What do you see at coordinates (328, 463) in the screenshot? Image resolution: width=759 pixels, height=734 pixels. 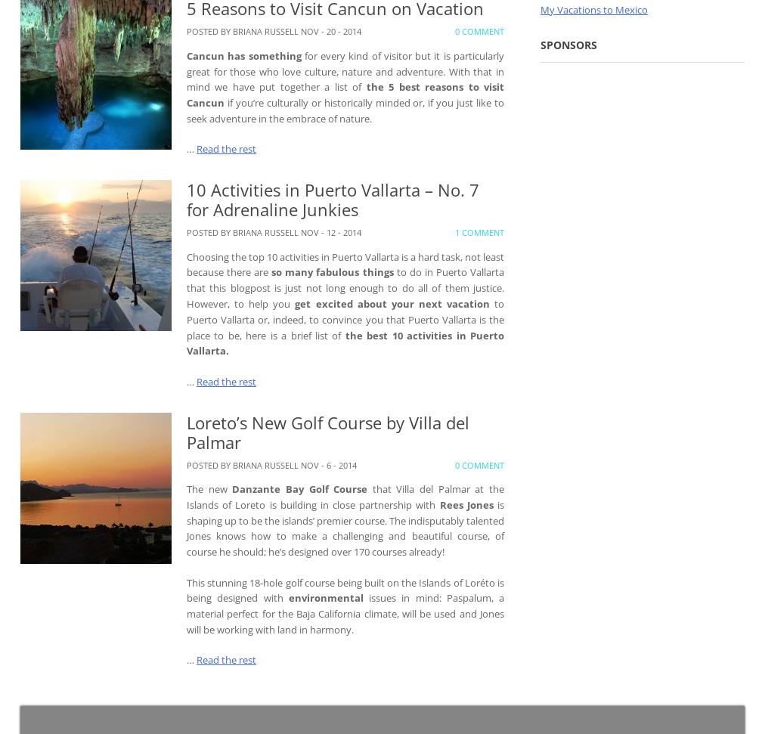 I see `'Nov - 6 - 2014'` at bounding box center [328, 463].